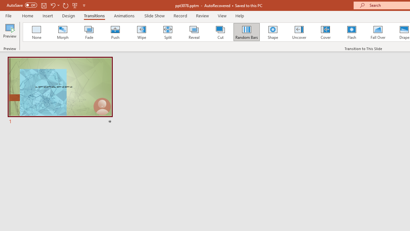 Image resolution: width=410 pixels, height=231 pixels. I want to click on 'Fall Over', so click(378, 32).